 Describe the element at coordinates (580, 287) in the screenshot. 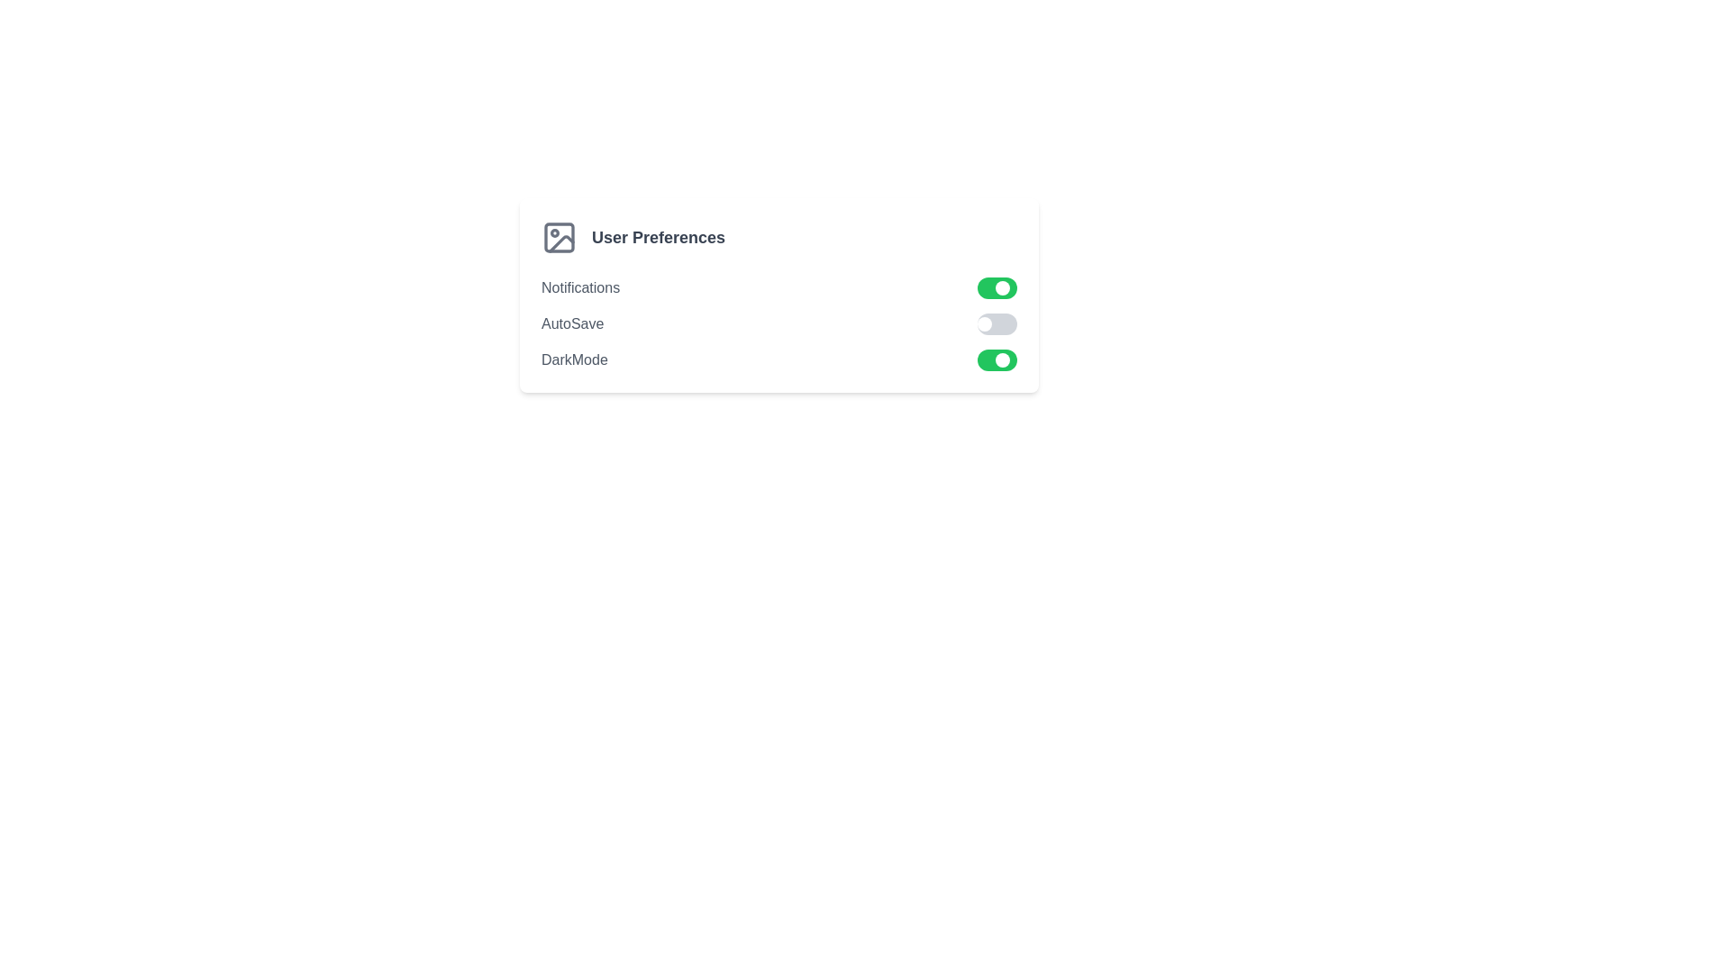

I see `text of the 'Notifications' text label, which is styled in lowercase, gray-colored font and positioned at the top of the settings list` at that location.